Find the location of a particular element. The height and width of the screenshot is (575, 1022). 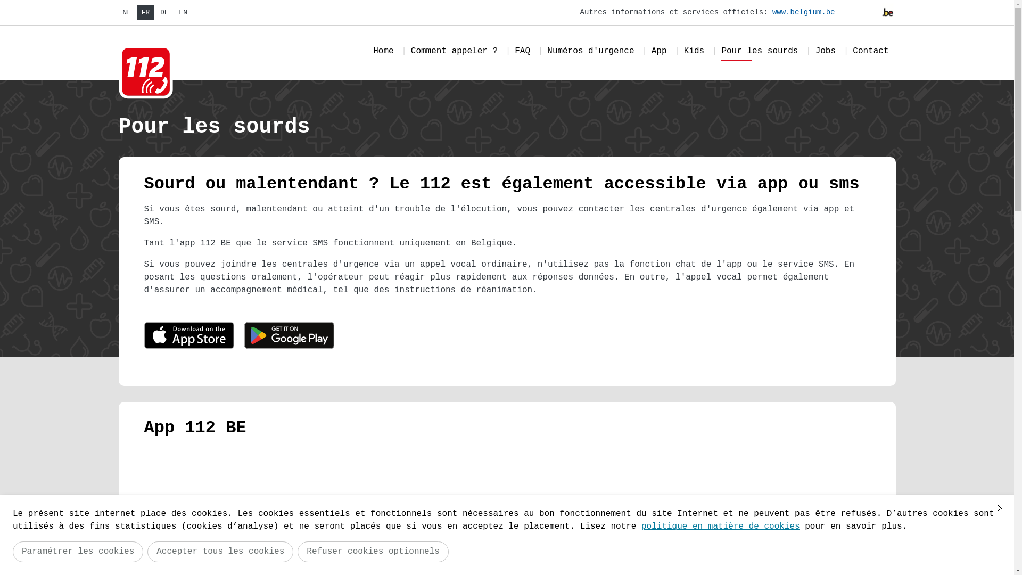

'Kids' is located at coordinates (694, 53).